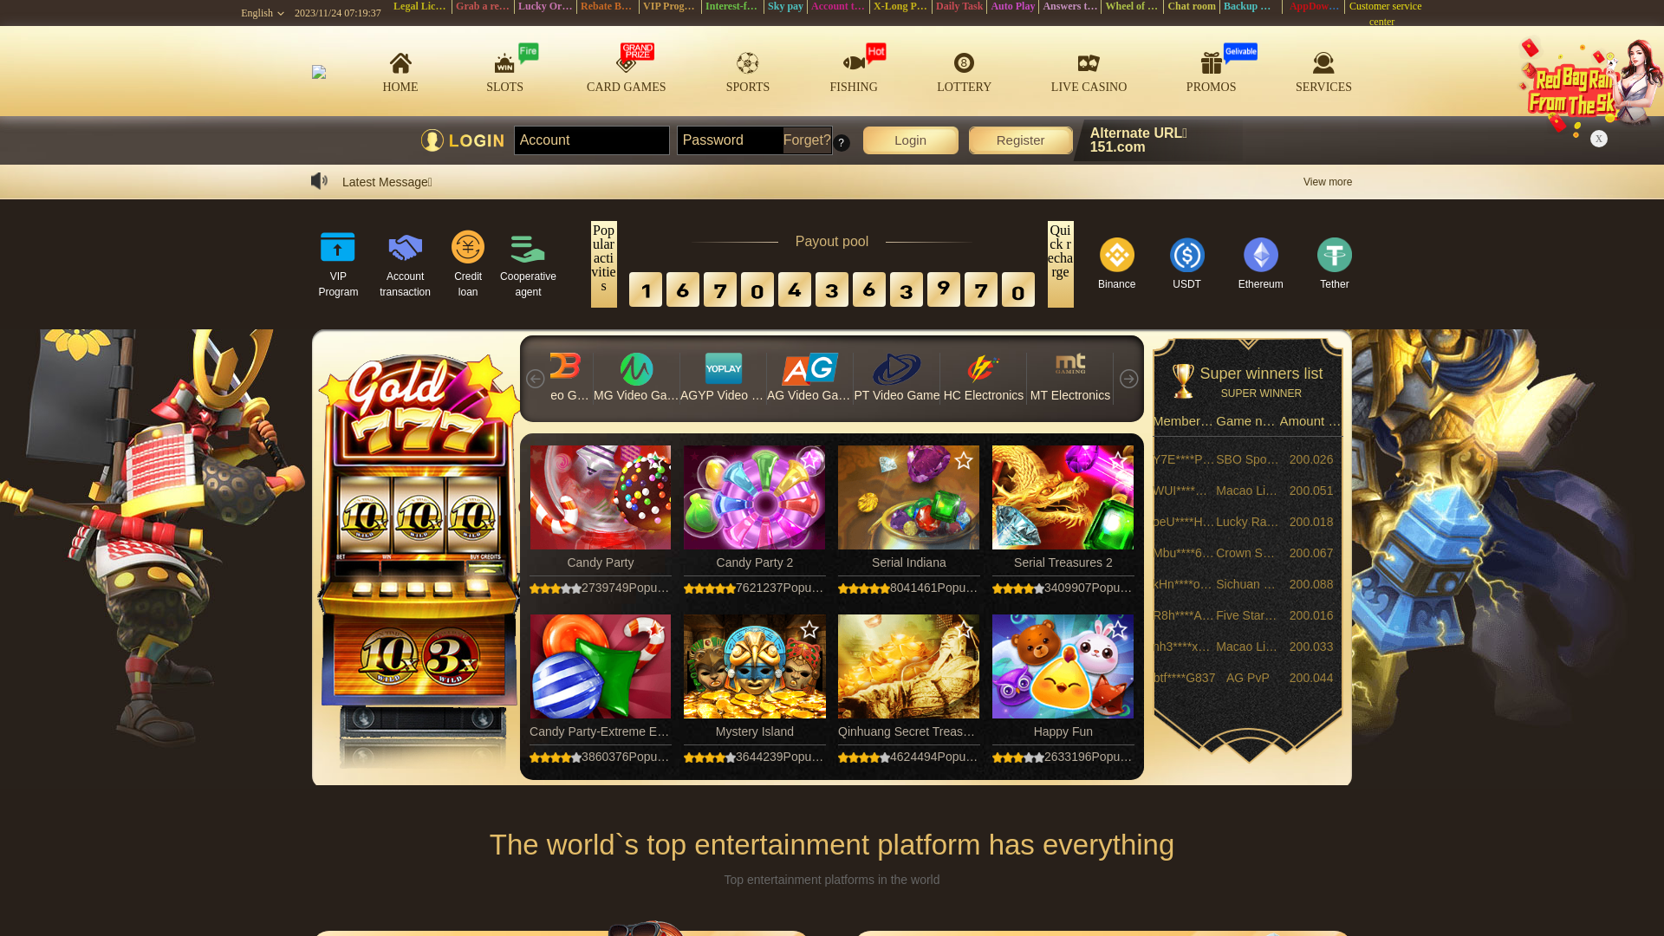 The image size is (1664, 936). What do you see at coordinates (1303, 181) in the screenshot?
I see `'View more'` at bounding box center [1303, 181].